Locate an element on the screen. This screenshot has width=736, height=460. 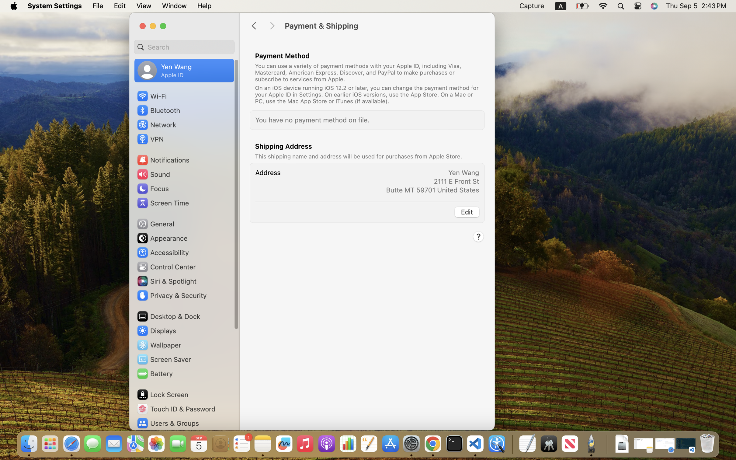
'Desktop & Dock' is located at coordinates (168, 316).